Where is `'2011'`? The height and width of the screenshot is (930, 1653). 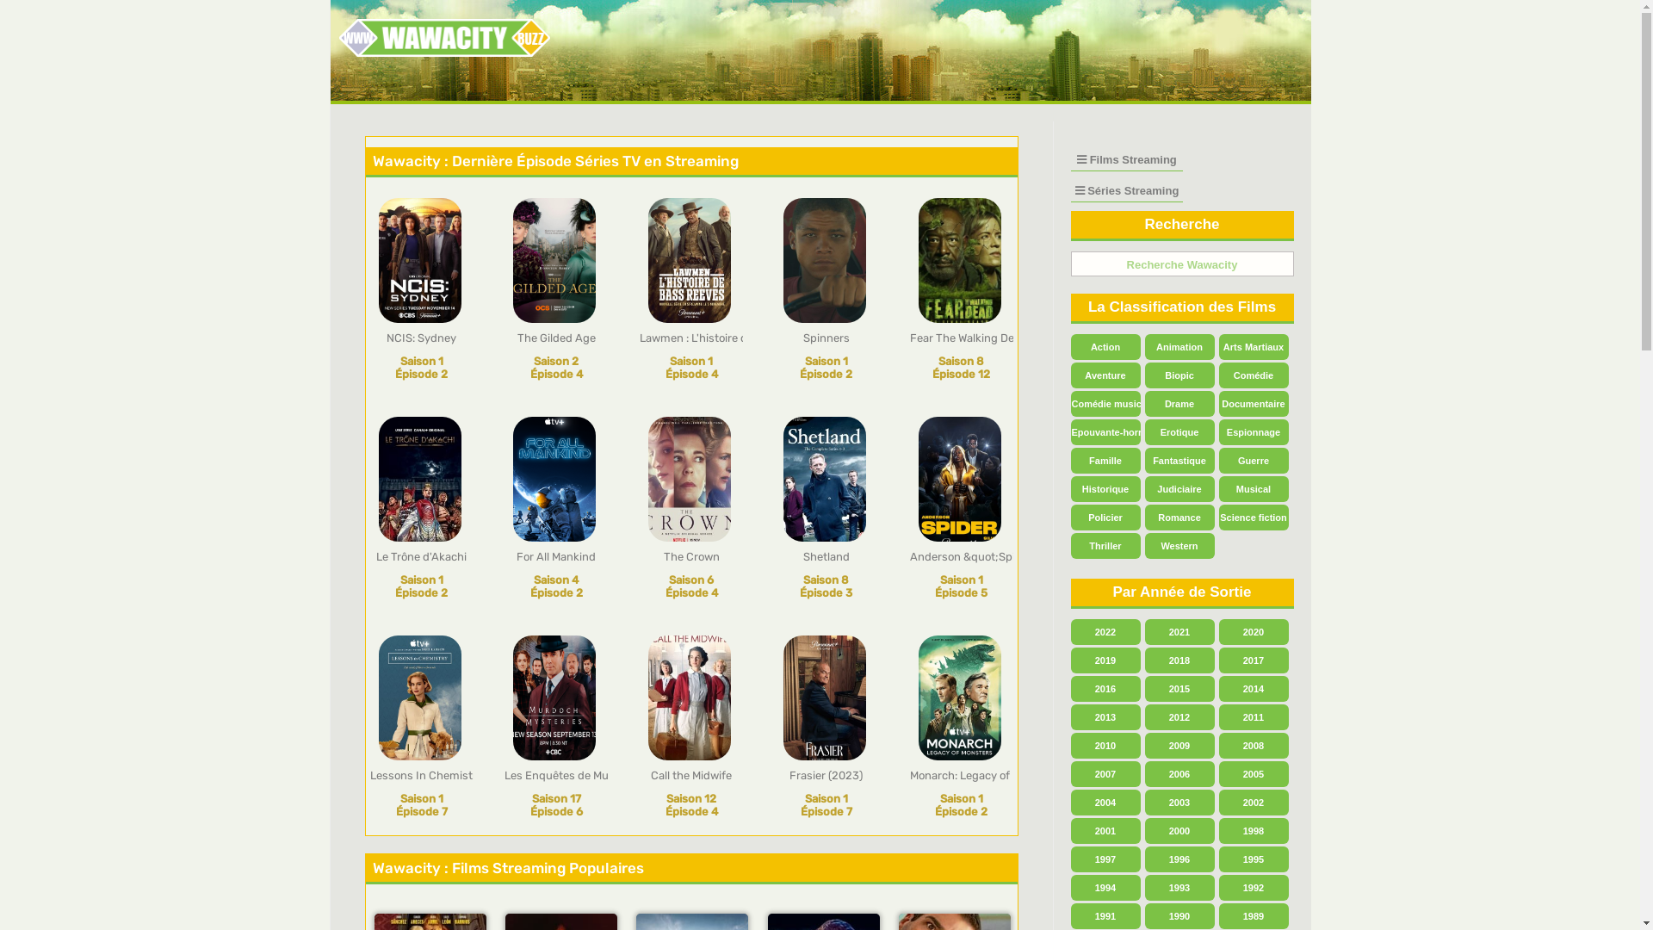
'2011' is located at coordinates (1254, 717).